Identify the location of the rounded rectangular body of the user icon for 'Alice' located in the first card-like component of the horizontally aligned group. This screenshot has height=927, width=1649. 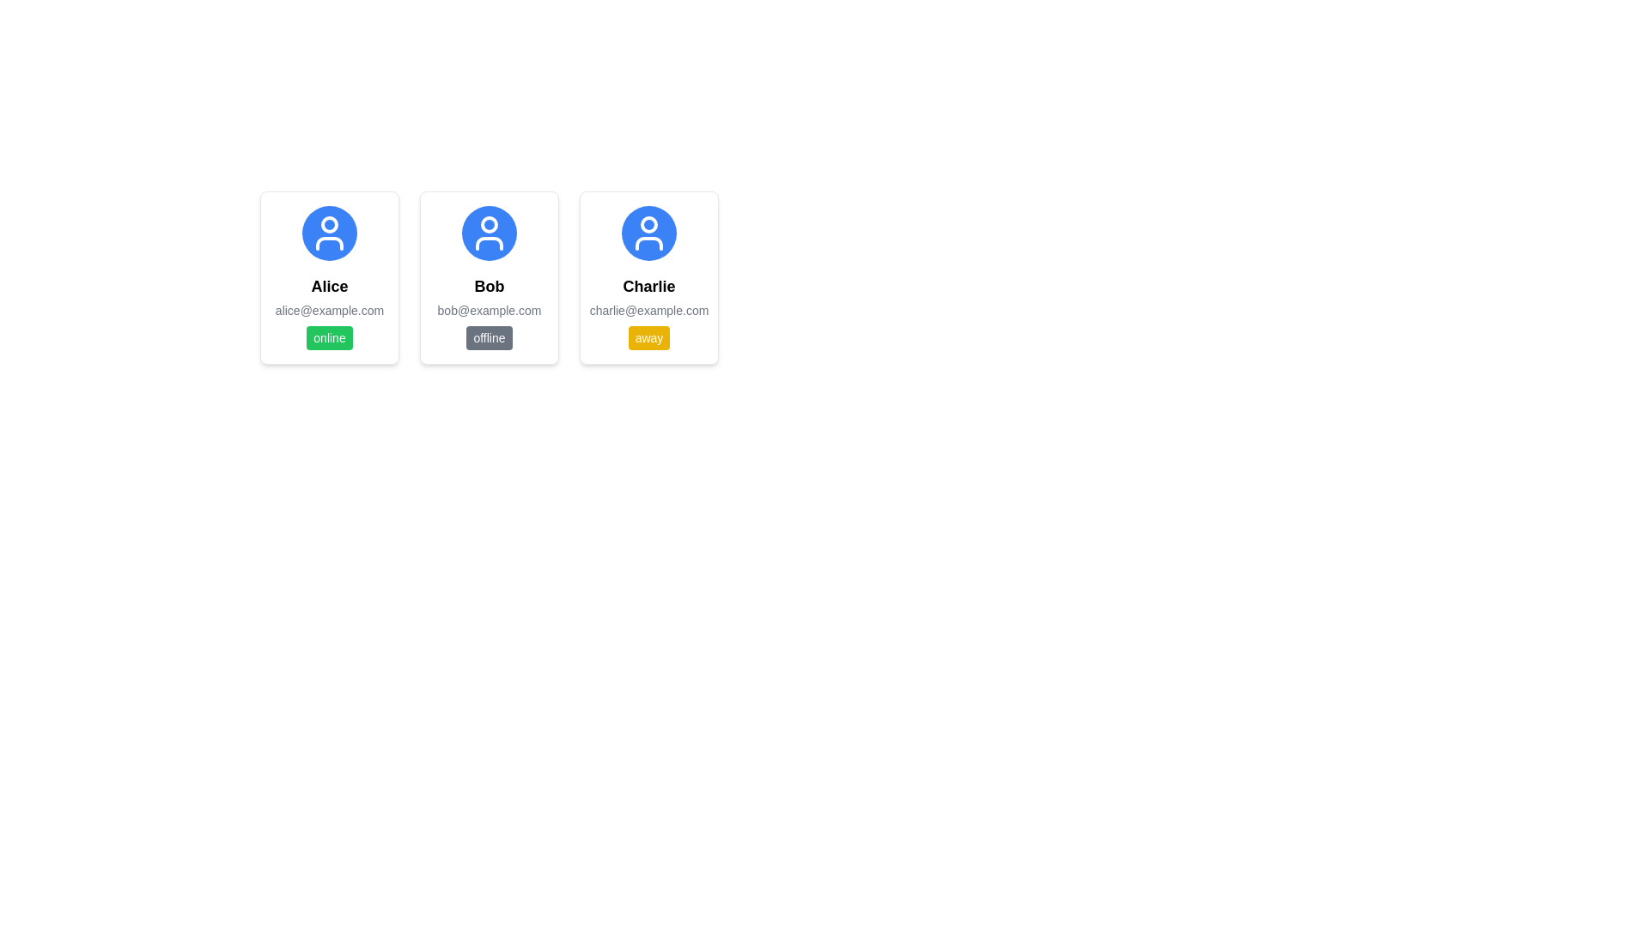
(330, 244).